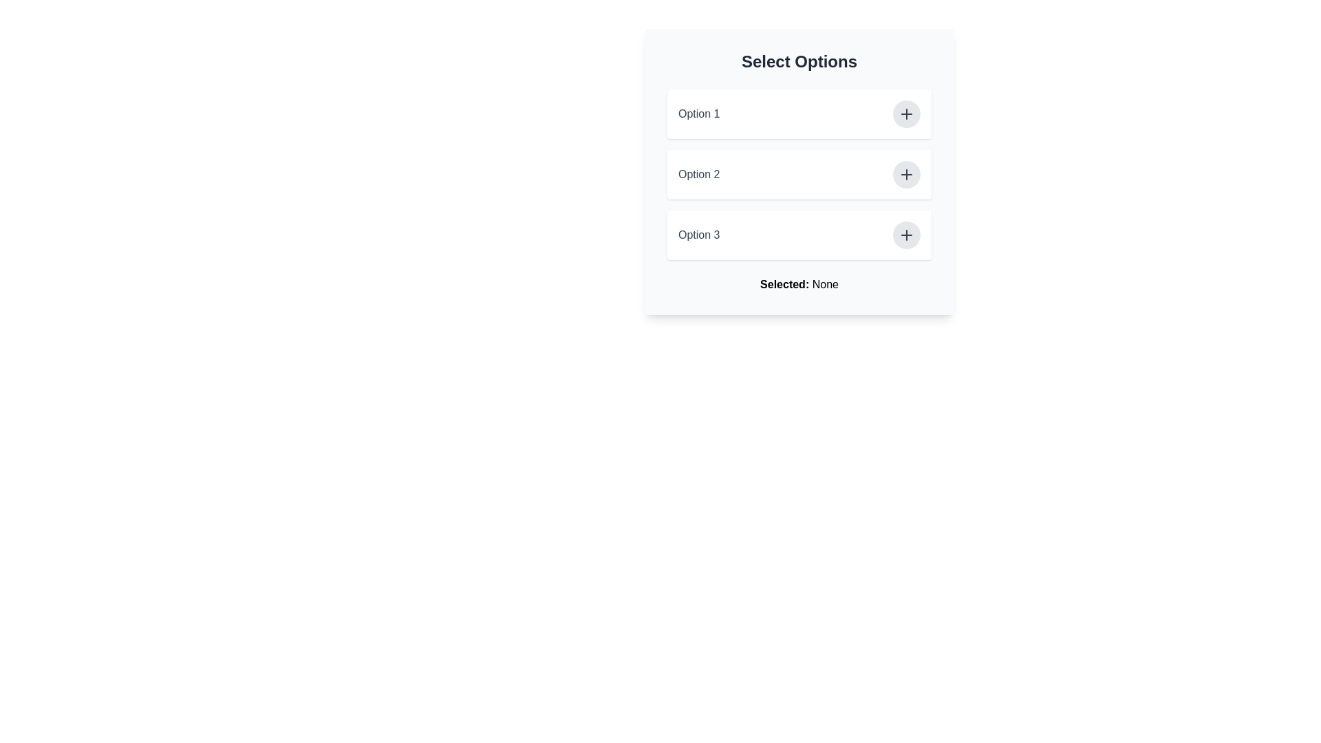  What do you see at coordinates (907, 113) in the screenshot?
I see `the icon button located at the far right of the first option row in a vertical list` at bounding box center [907, 113].